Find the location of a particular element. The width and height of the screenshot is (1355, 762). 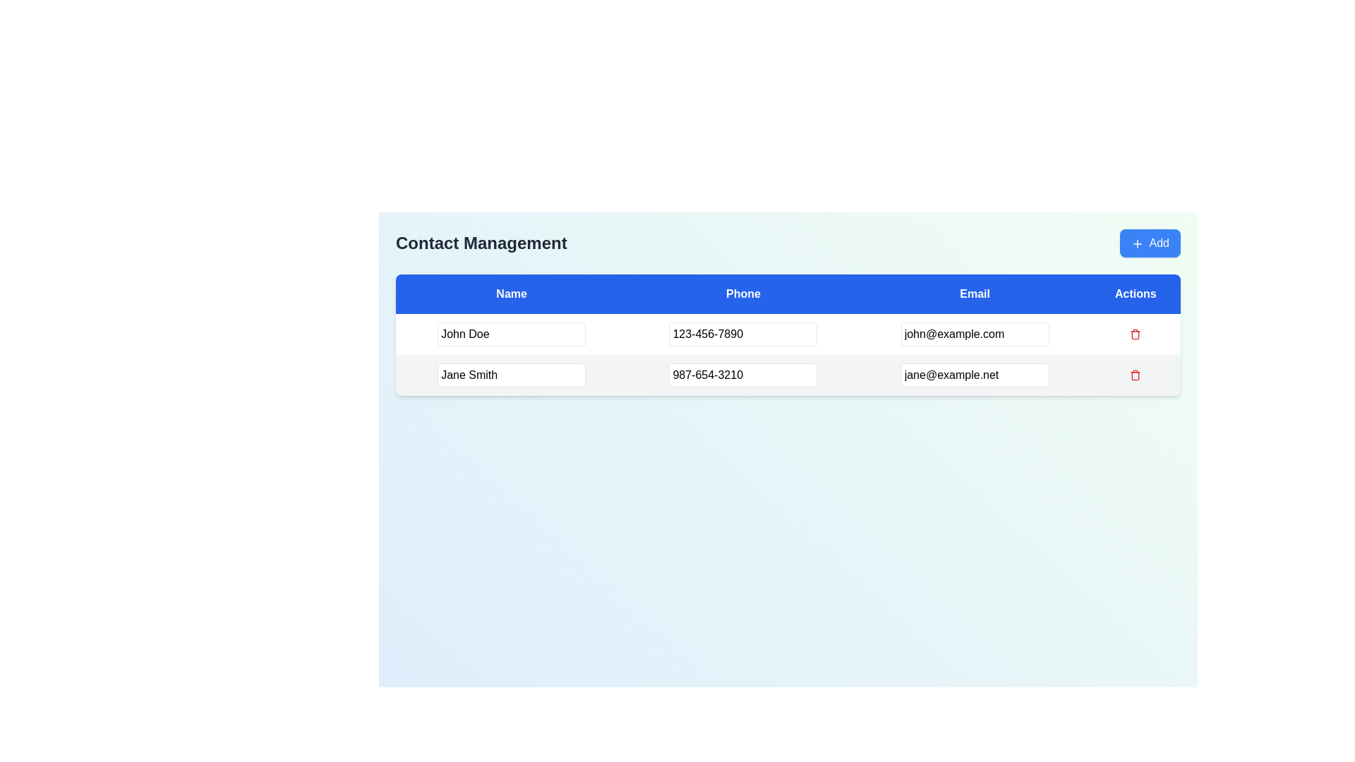

the rectangular button with a blue background and white 'Add' text, located on the top-right side of the 'Contact Management' section is located at coordinates (1150, 242).